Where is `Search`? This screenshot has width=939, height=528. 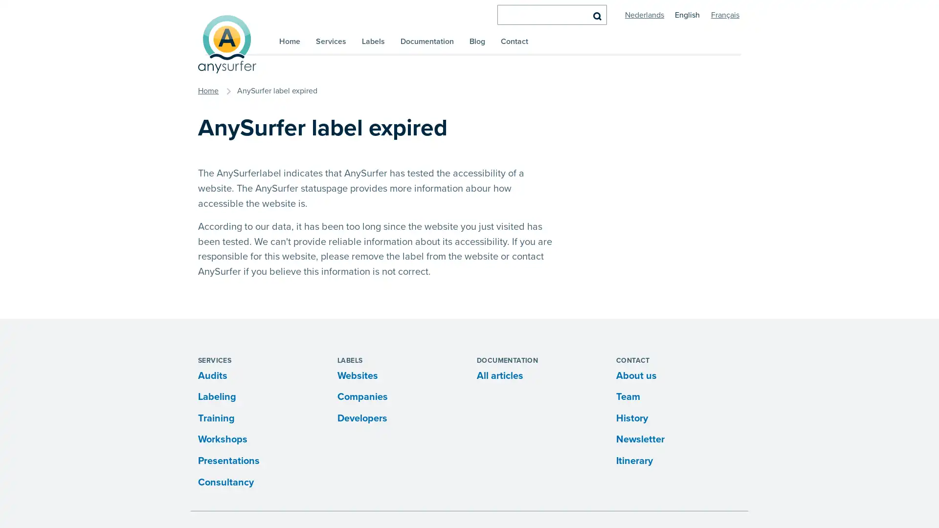
Search is located at coordinates (596, 15).